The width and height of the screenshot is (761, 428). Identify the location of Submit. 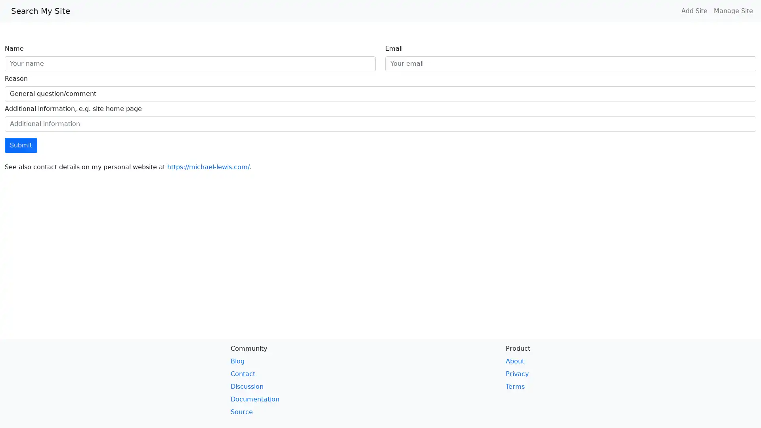
(21, 145).